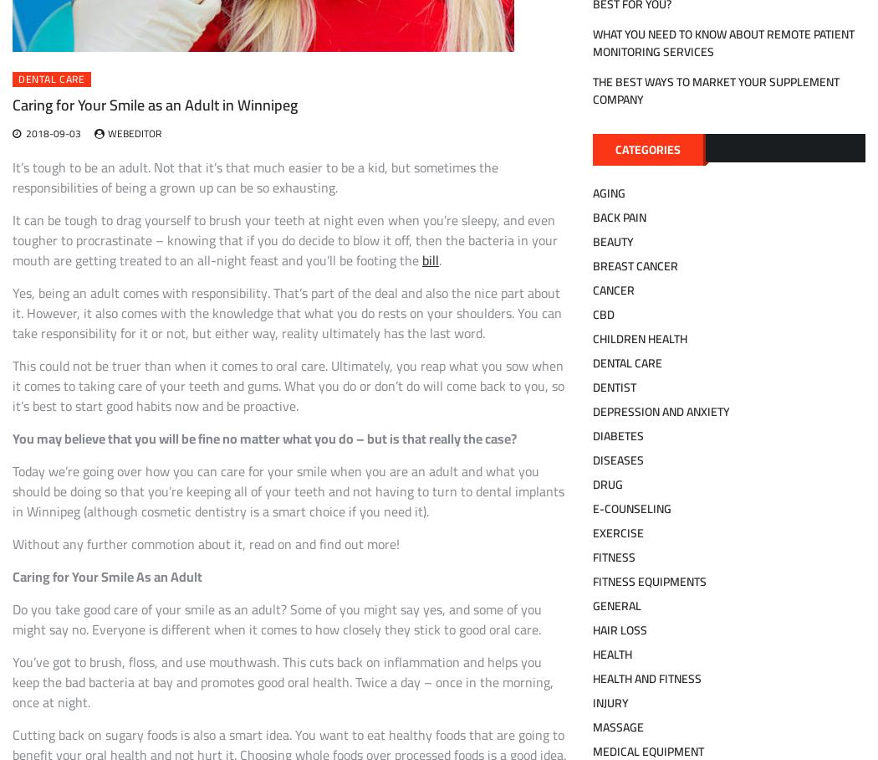 The height and width of the screenshot is (760, 878). I want to click on 'Depression and Anxiety', so click(592, 411).